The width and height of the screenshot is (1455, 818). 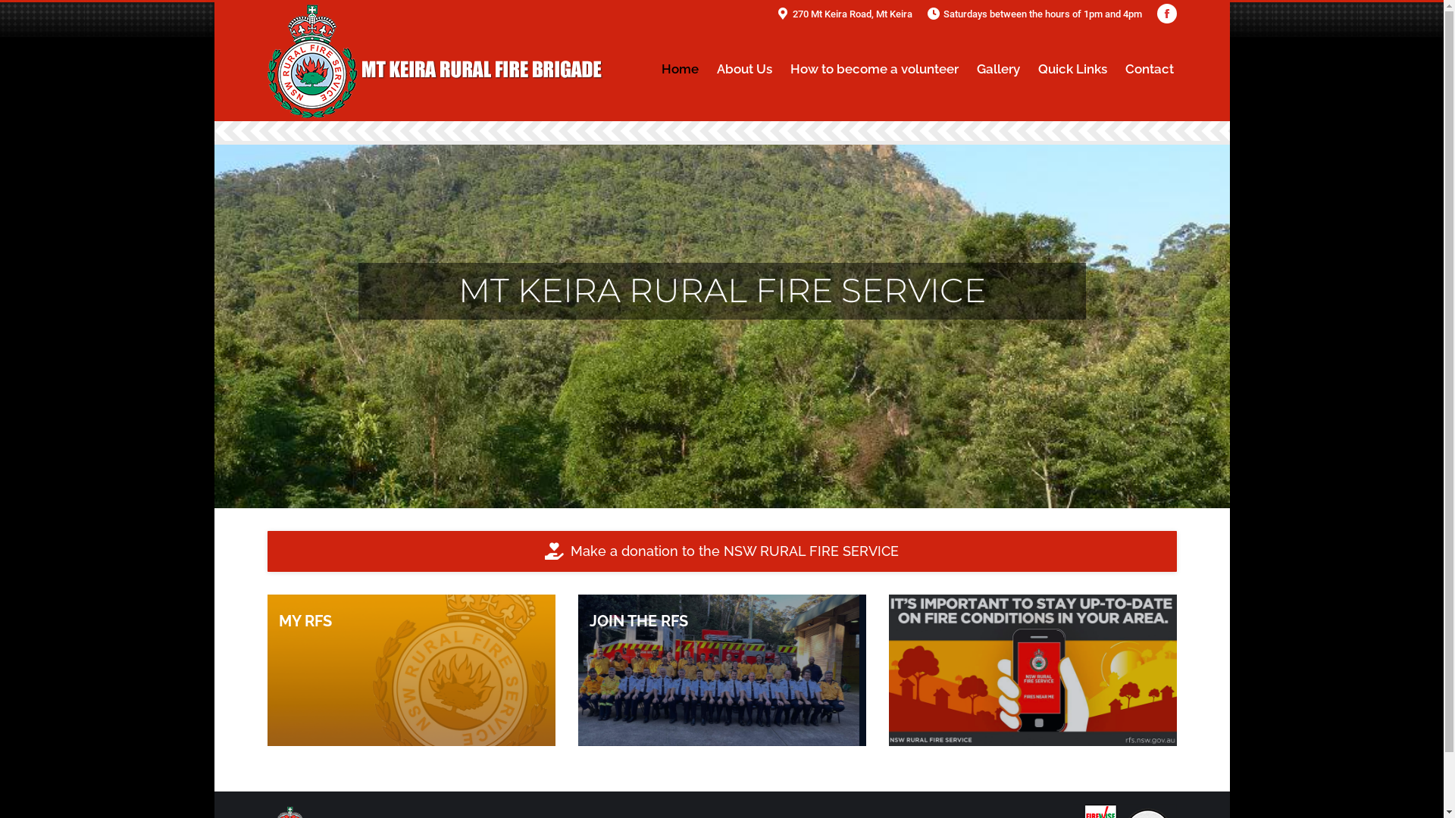 I want to click on 'Facebook', so click(x=1166, y=14).